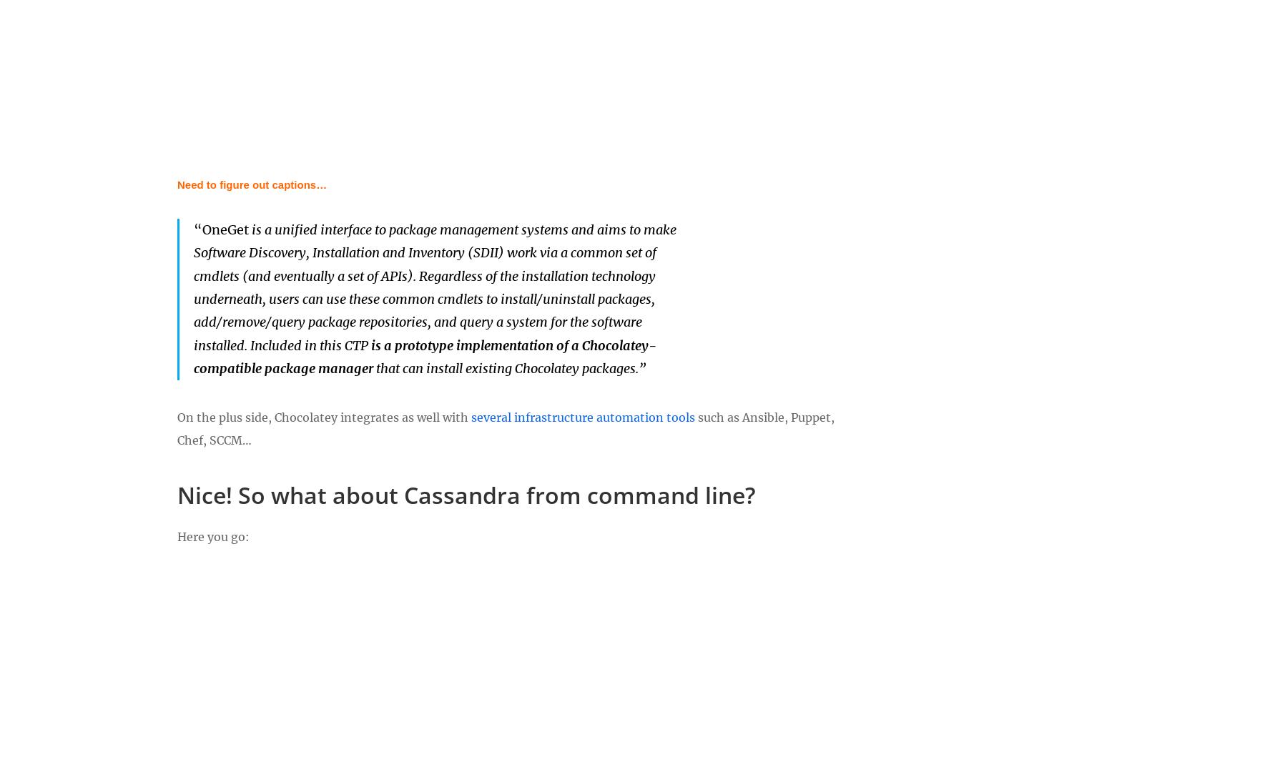 Image resolution: width=1270 pixels, height=757 pixels. I want to click on 'is a unified interface to package management systems and aims to make Software Discovery, Installation and Inventory (SDII) work via a common set of cmdlets (and eventually a set of APIs). Regardless of the installation technology underneath, users can use these common cmdlets to install/uninstall packages, add/remove/query package repositories, and query a system for the software installed. Included in this CTP', so click(434, 286).